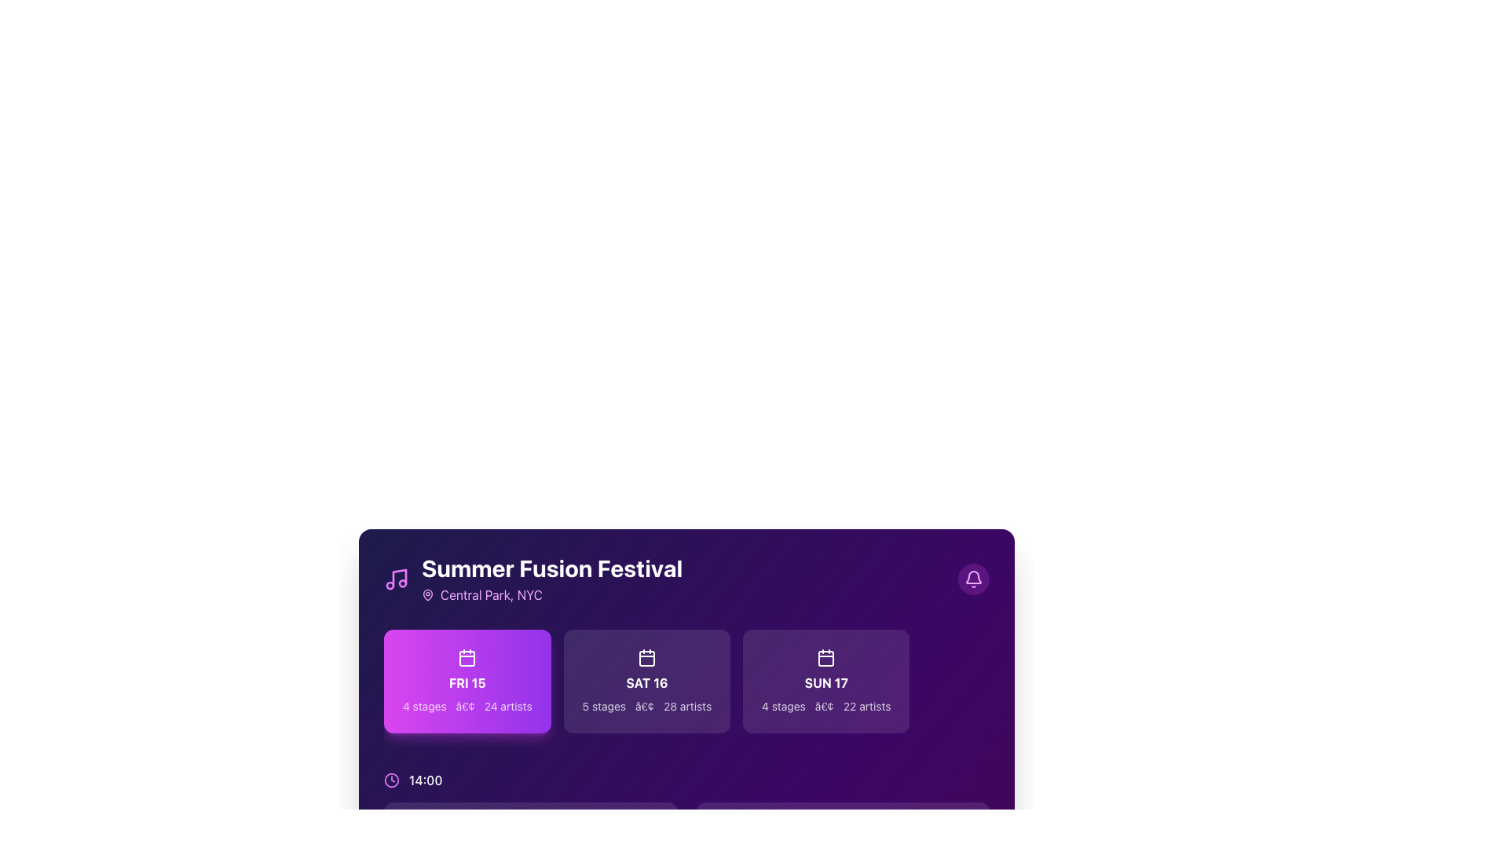  I want to click on the text label that provides information about the number of artists associated with the date and event, located in the bottom section of the purple box labeled 'FRI 15', so click(508, 705).